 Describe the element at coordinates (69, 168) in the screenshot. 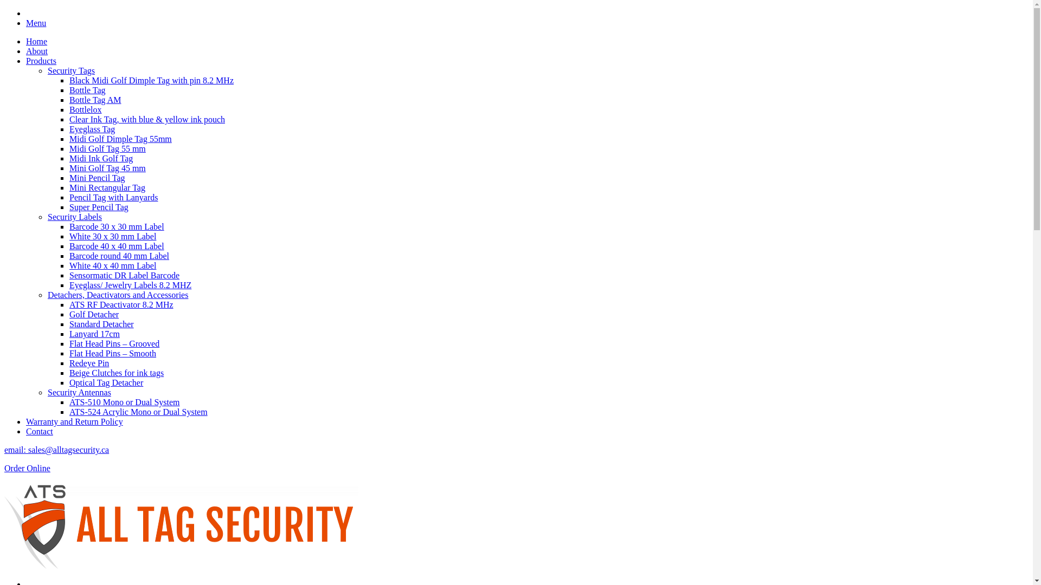

I see `'Mini Golf Tag 45 mm'` at that location.